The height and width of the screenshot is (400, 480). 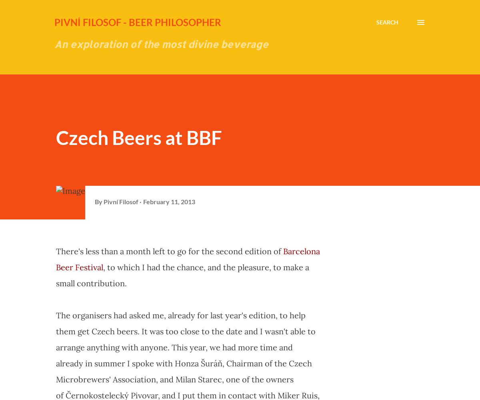 I want to click on 'Pivní Filosof - Beer Philosopher', so click(x=138, y=22).